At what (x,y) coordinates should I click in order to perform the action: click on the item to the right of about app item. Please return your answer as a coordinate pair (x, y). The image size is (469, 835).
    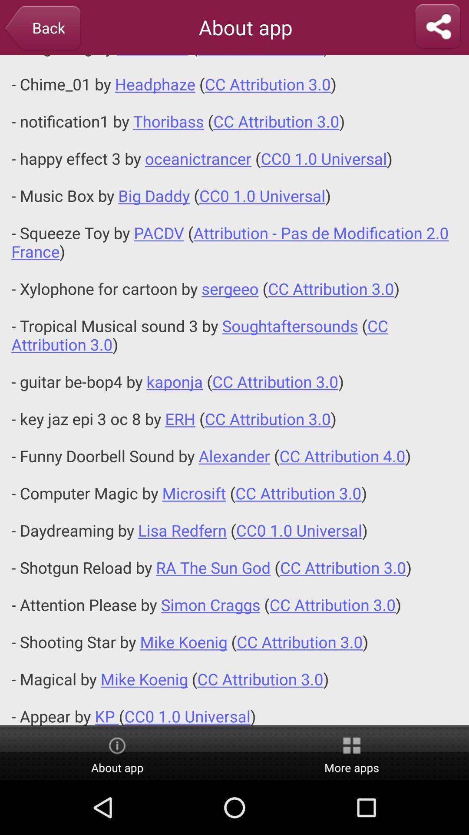
    Looking at the image, I should click on (437, 27).